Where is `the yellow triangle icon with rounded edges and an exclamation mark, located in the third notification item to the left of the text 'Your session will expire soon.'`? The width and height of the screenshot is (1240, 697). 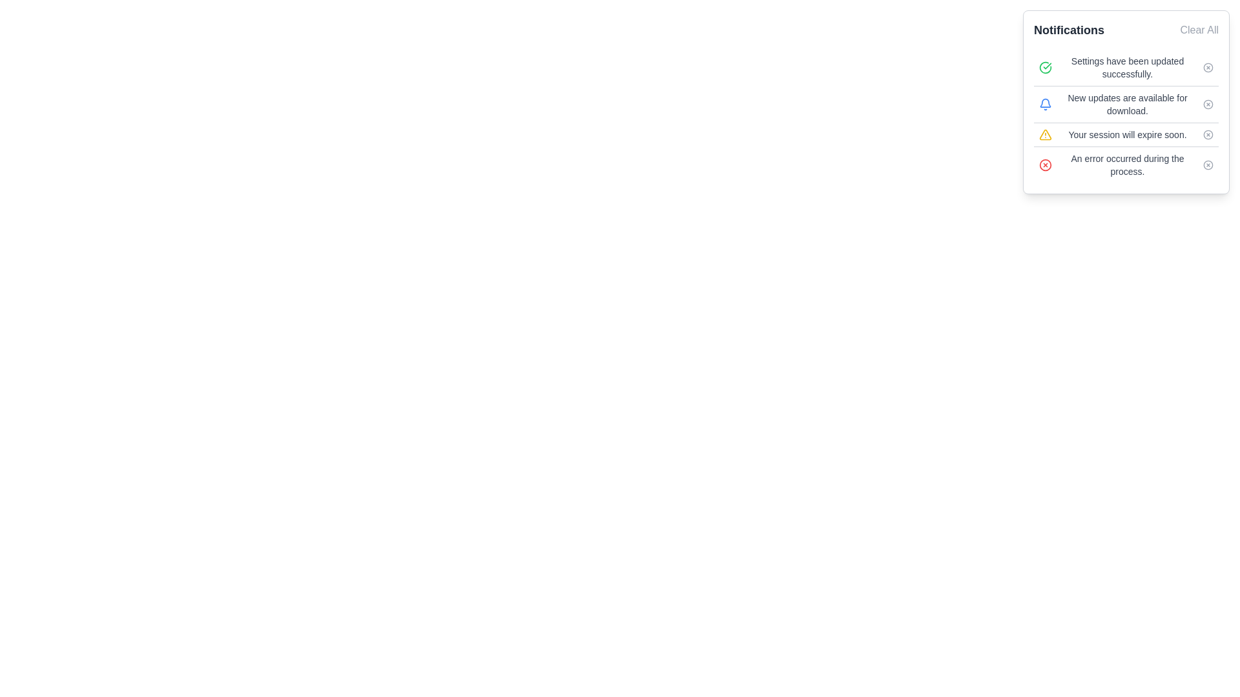
the yellow triangle icon with rounded edges and an exclamation mark, located in the third notification item to the left of the text 'Your session will expire soon.' is located at coordinates (1045, 134).